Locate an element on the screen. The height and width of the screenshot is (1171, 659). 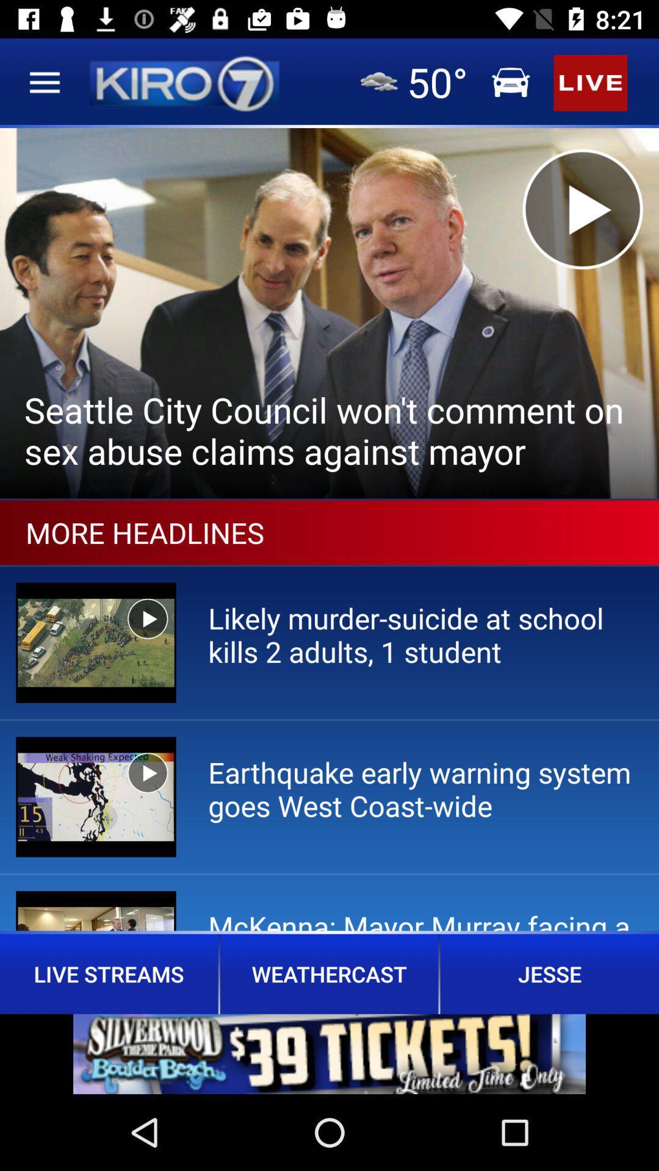
the image below the more headlines is located at coordinates (95, 642).